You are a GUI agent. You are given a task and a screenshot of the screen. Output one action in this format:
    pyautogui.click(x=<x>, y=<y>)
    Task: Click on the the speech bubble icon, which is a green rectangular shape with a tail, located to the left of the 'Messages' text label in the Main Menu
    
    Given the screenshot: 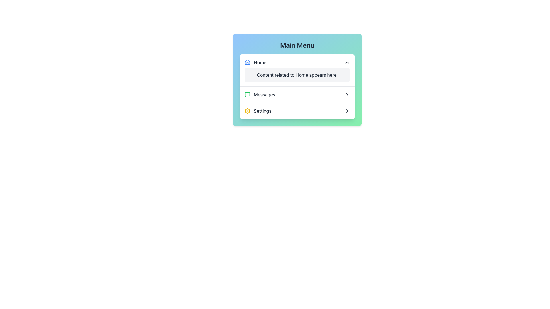 What is the action you would take?
    pyautogui.click(x=247, y=94)
    